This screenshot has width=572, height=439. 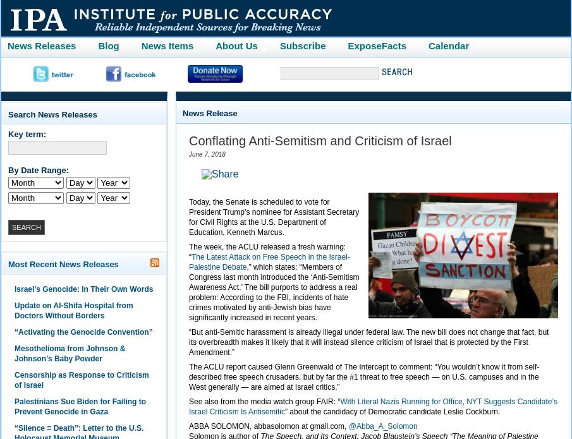 What do you see at coordinates (80, 380) in the screenshot?
I see `'Censorship as Response to Criticism of Israel'` at bounding box center [80, 380].